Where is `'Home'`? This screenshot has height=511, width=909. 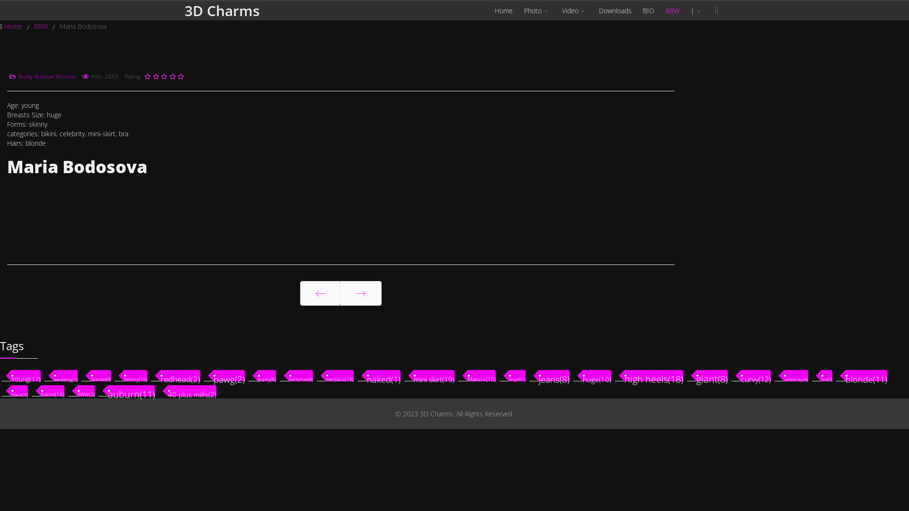 'Home' is located at coordinates (503, 11).